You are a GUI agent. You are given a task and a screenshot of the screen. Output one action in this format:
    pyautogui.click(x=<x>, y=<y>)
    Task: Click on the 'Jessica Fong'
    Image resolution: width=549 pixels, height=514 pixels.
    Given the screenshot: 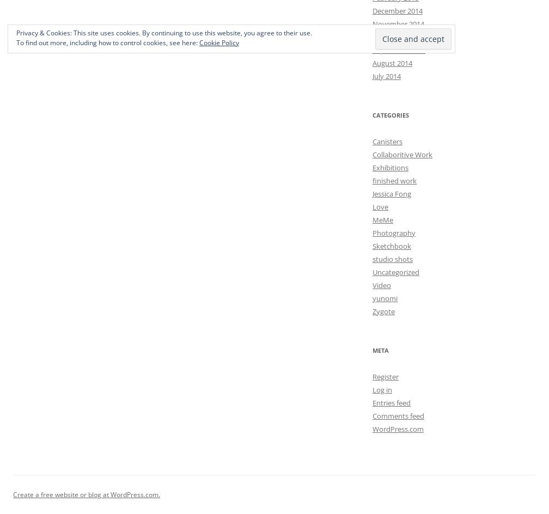 What is the action you would take?
    pyautogui.click(x=373, y=193)
    